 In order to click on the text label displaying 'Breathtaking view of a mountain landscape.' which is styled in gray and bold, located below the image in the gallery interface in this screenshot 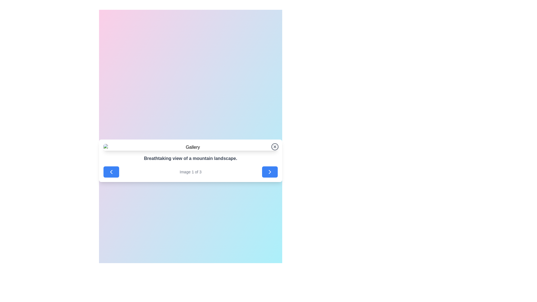, I will do `click(190, 159)`.